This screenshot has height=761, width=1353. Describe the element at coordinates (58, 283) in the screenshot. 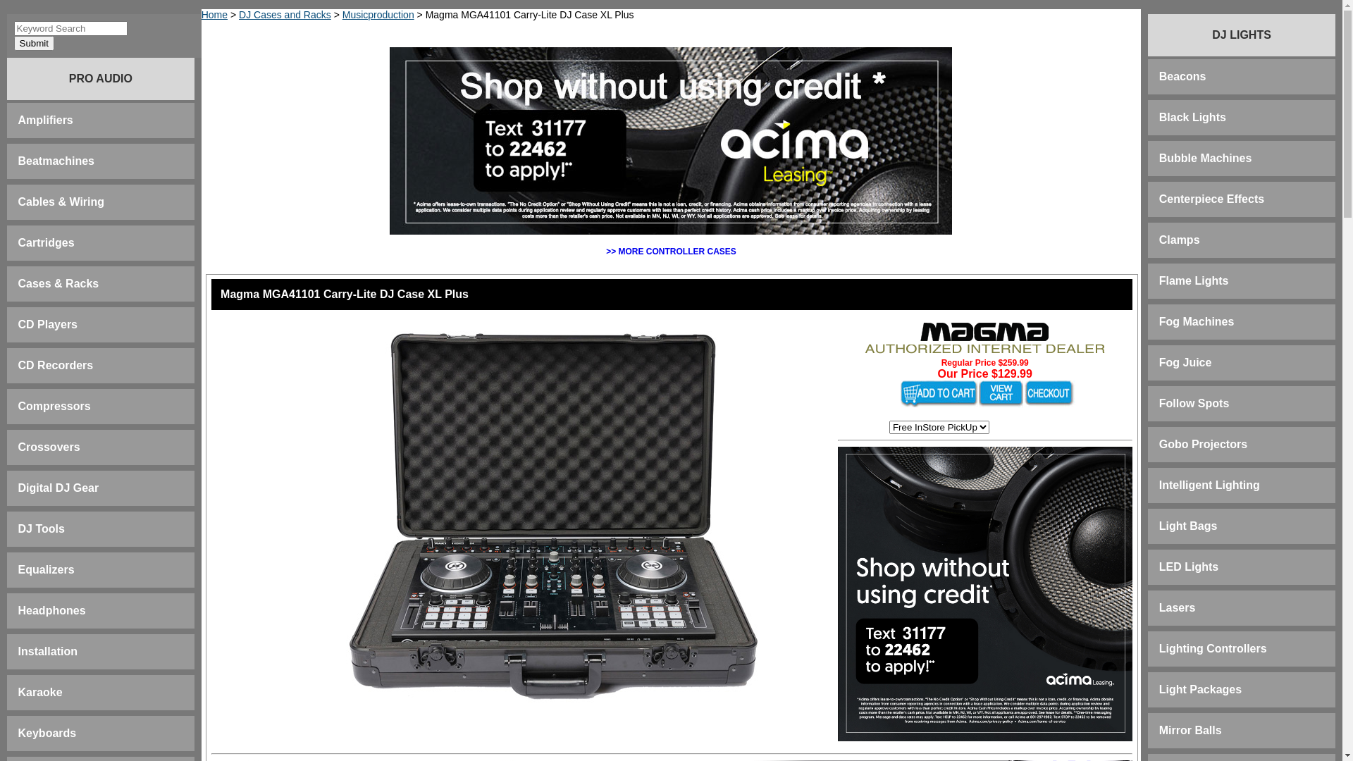

I see `'Cases & Racks'` at that location.